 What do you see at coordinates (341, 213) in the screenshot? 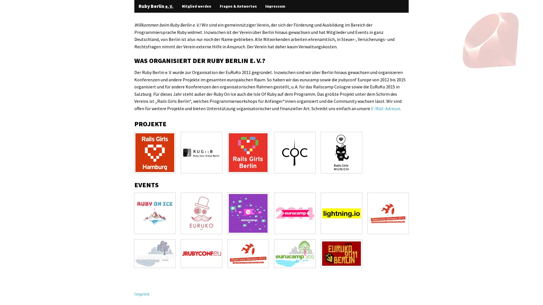
I see `Lightning io` at bounding box center [341, 213].